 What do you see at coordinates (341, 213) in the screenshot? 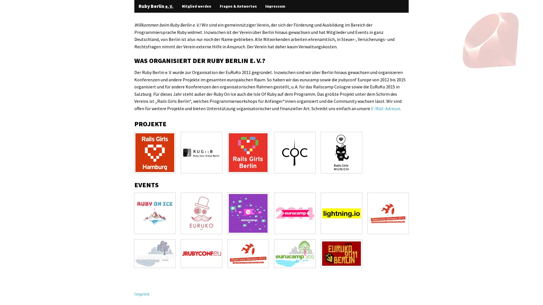
I see `Lightning io` at bounding box center [341, 213].